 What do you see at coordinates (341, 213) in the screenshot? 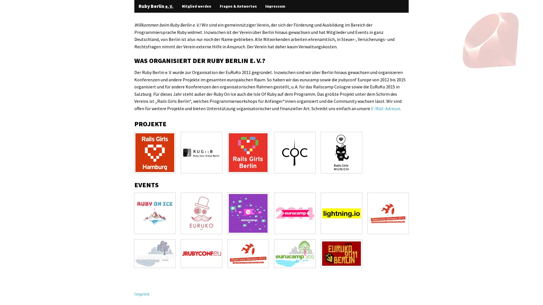
I see `Lightning io` at bounding box center [341, 213].